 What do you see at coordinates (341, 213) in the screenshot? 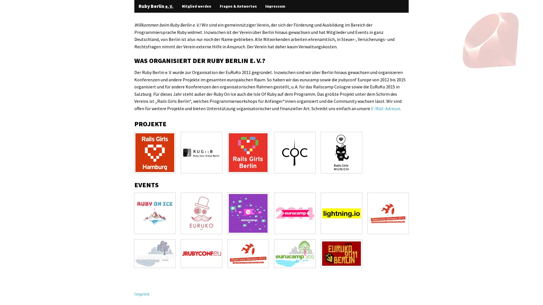
I see `Lightning io` at bounding box center [341, 213].